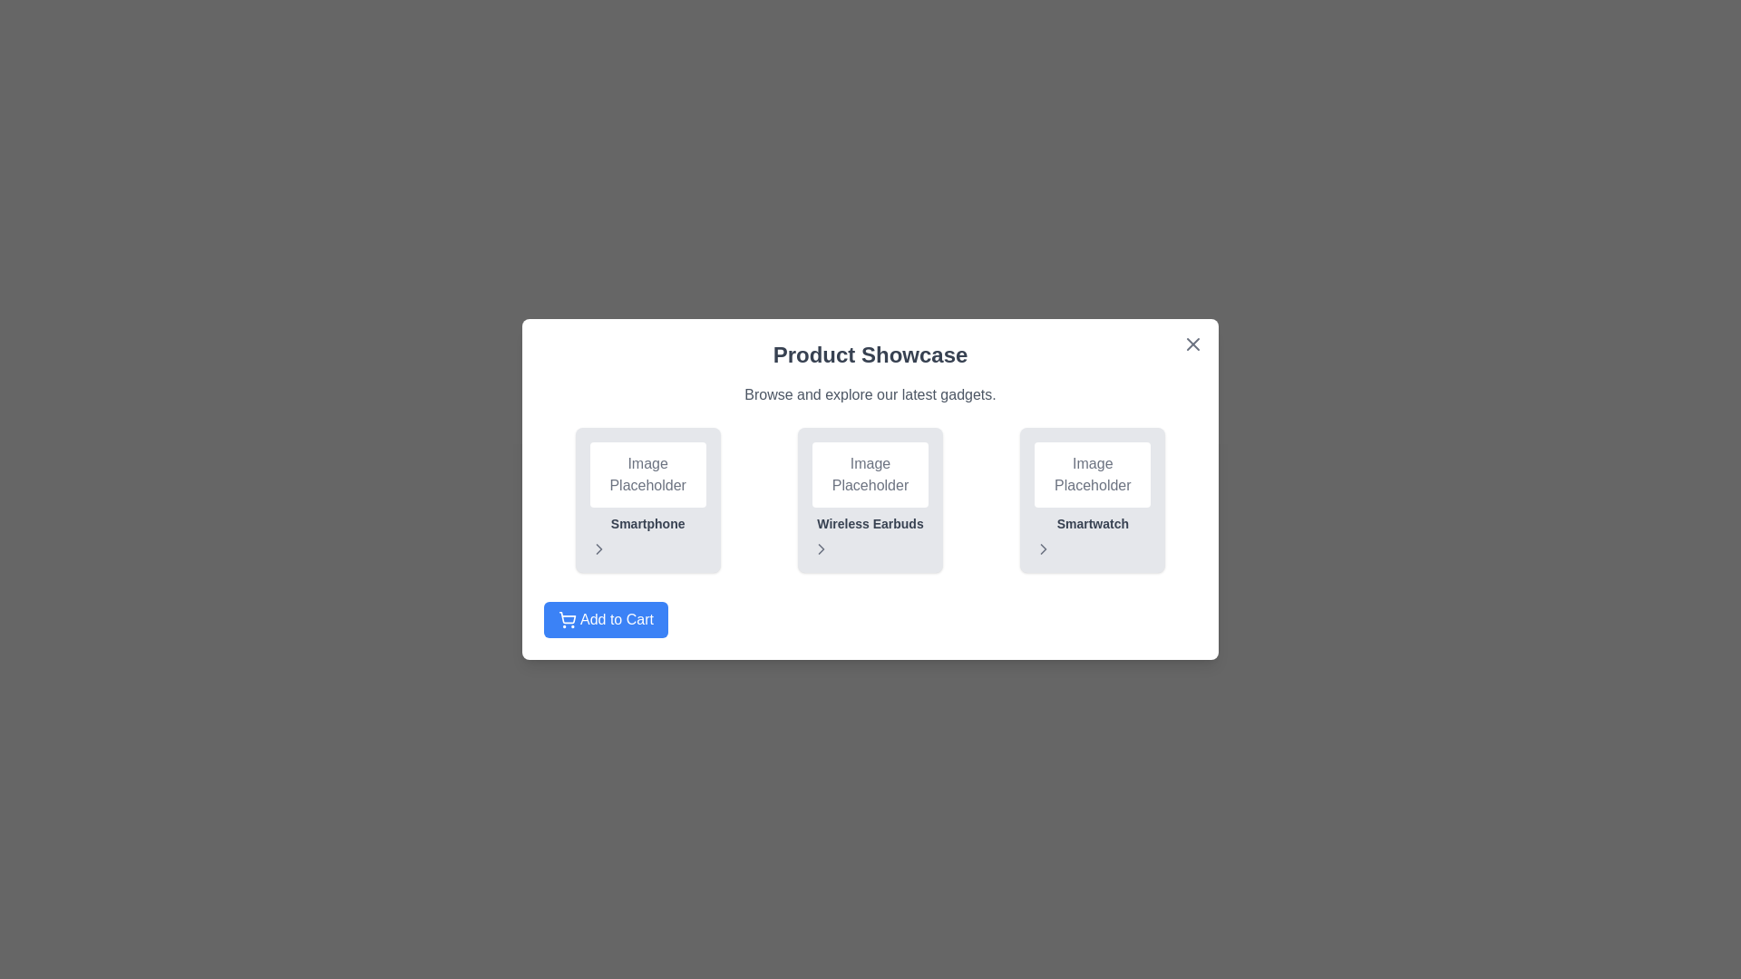 This screenshot has height=979, width=1741. What do you see at coordinates (1192, 344) in the screenshot?
I see `the close button located in the top-right corner of the modal window` at bounding box center [1192, 344].